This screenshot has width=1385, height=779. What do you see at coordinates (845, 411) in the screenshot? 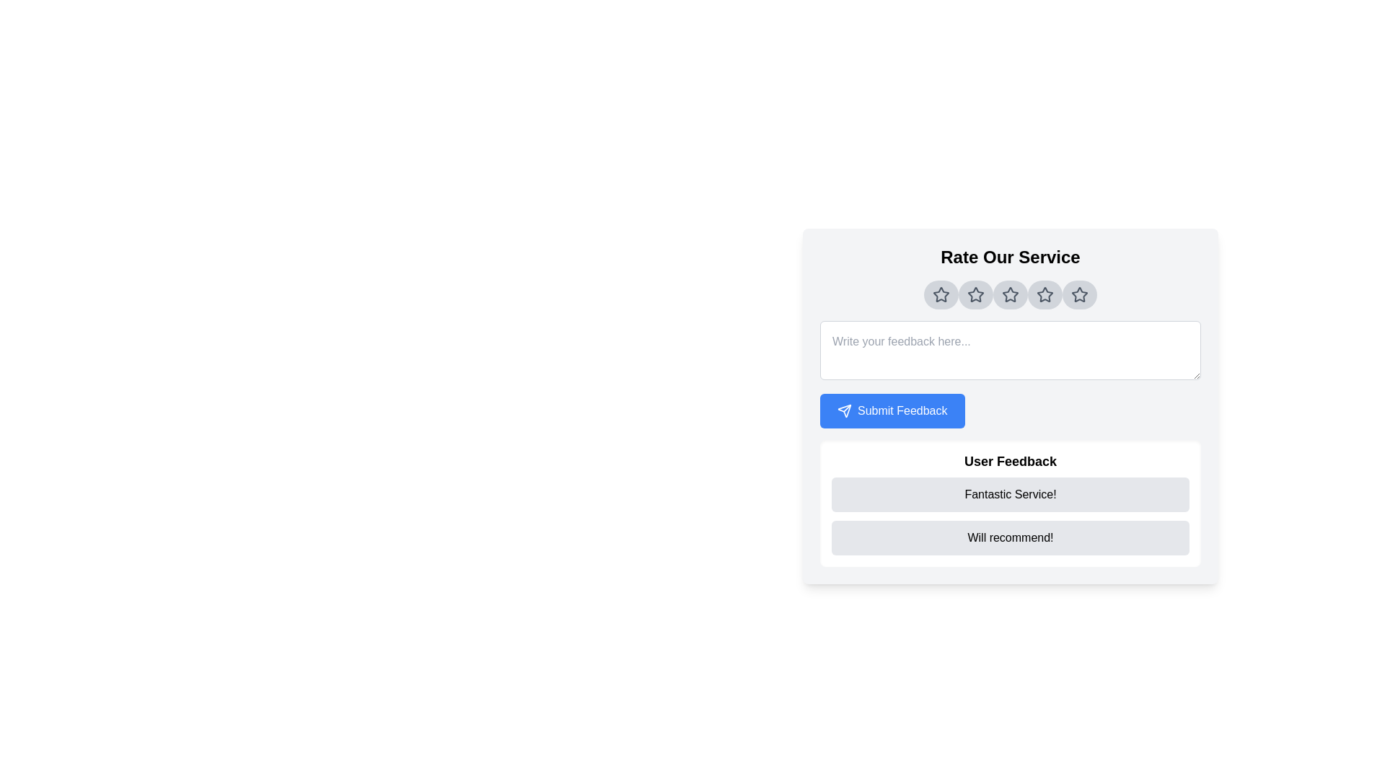
I see `the 'Submit Feedback' button containing the send SVG icon to observe interactive styling effects` at bounding box center [845, 411].